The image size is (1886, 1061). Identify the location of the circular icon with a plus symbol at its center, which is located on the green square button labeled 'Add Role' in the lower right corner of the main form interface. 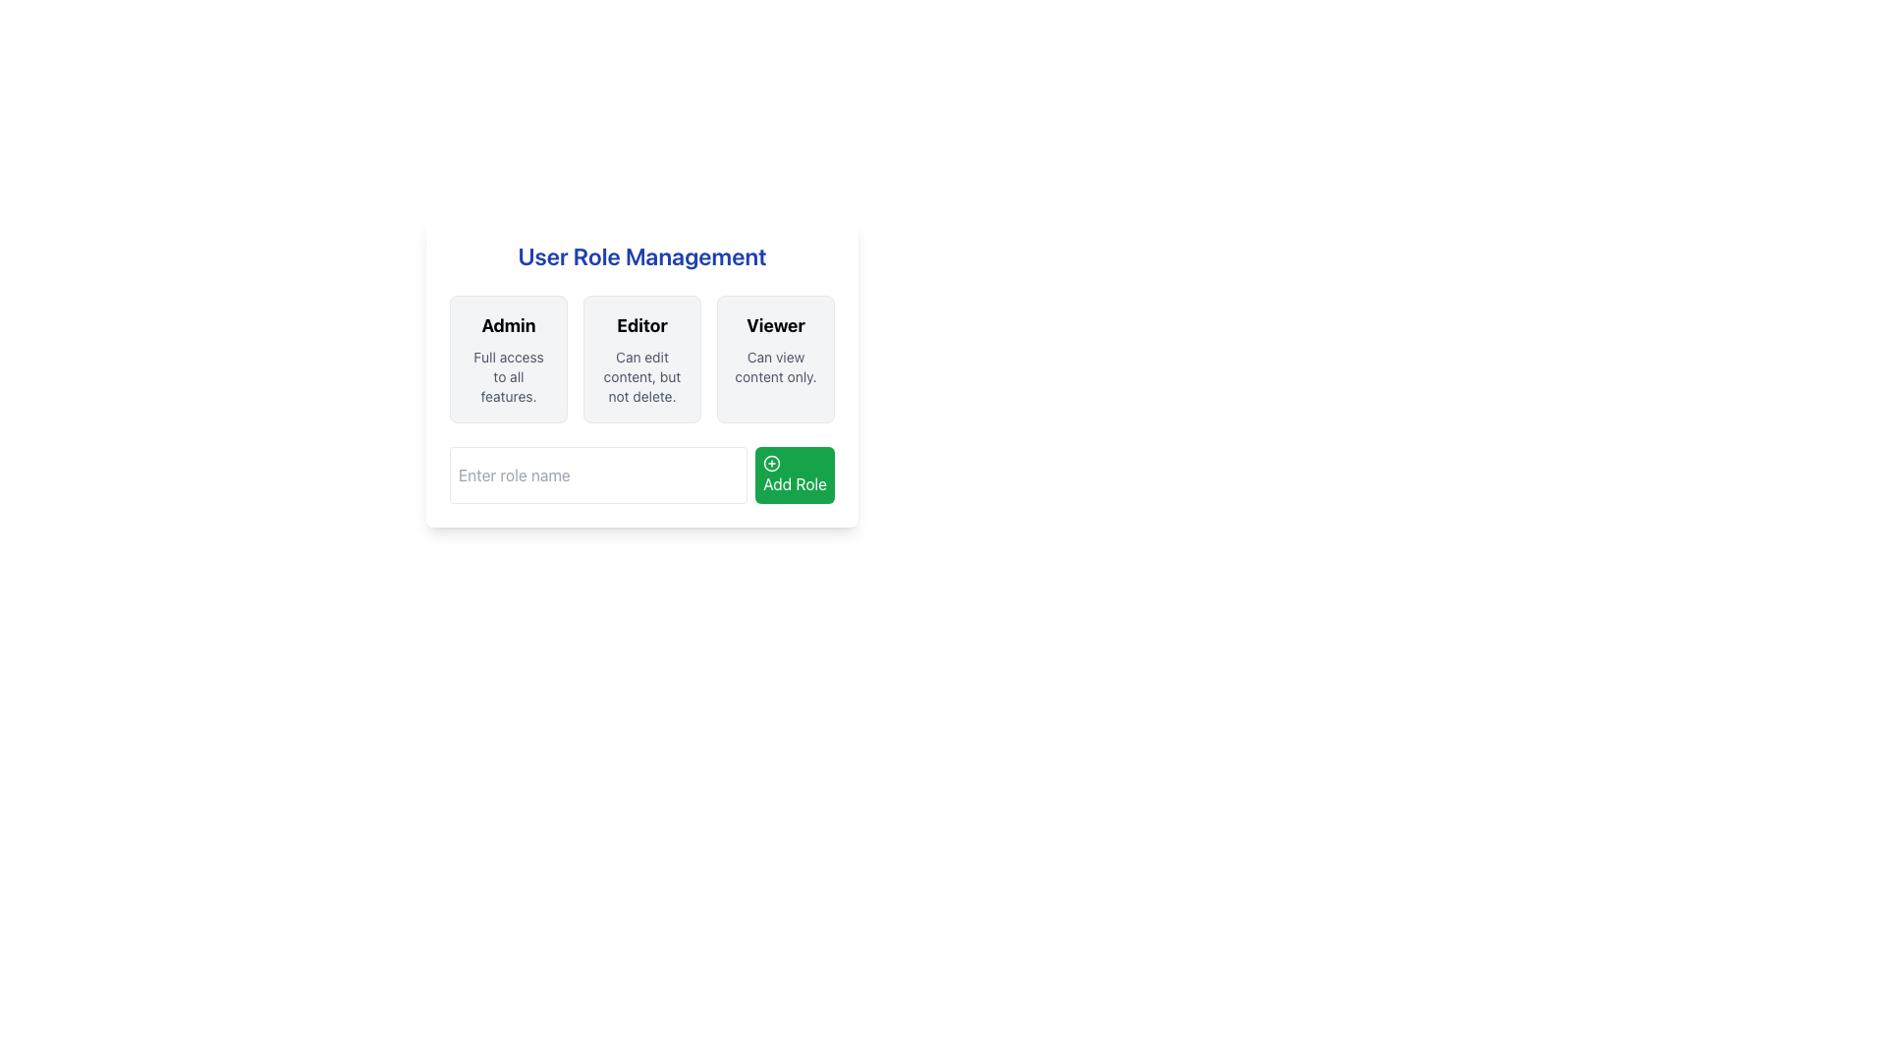
(771, 463).